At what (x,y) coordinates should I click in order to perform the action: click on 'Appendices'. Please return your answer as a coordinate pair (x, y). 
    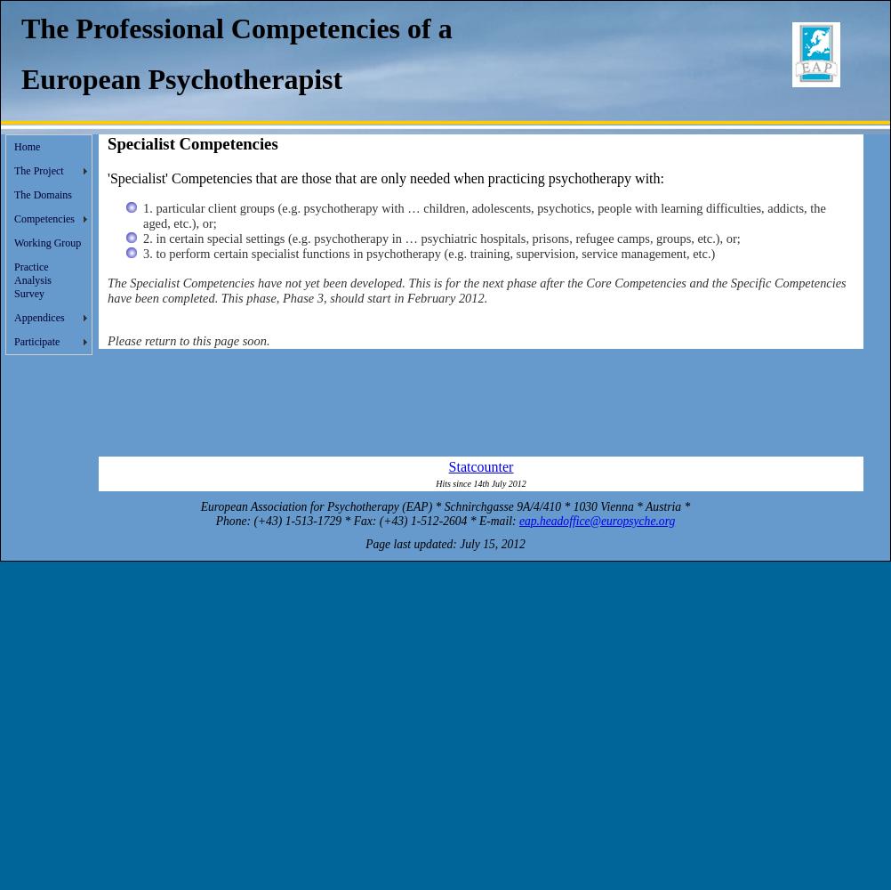
    Looking at the image, I should click on (38, 317).